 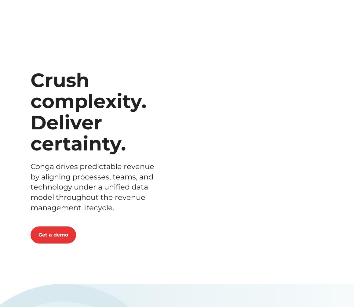 What do you see at coordinates (197, 106) in the screenshot?
I see `'Last name'` at bounding box center [197, 106].